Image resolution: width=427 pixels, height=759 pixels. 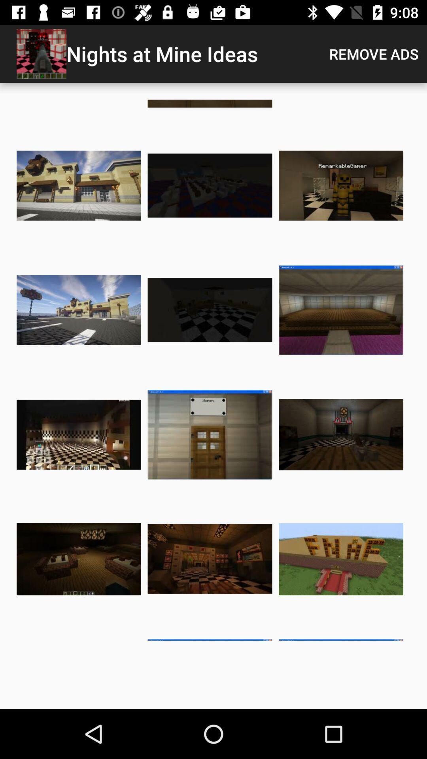 I want to click on app to the right of the nights at mine item, so click(x=374, y=53).